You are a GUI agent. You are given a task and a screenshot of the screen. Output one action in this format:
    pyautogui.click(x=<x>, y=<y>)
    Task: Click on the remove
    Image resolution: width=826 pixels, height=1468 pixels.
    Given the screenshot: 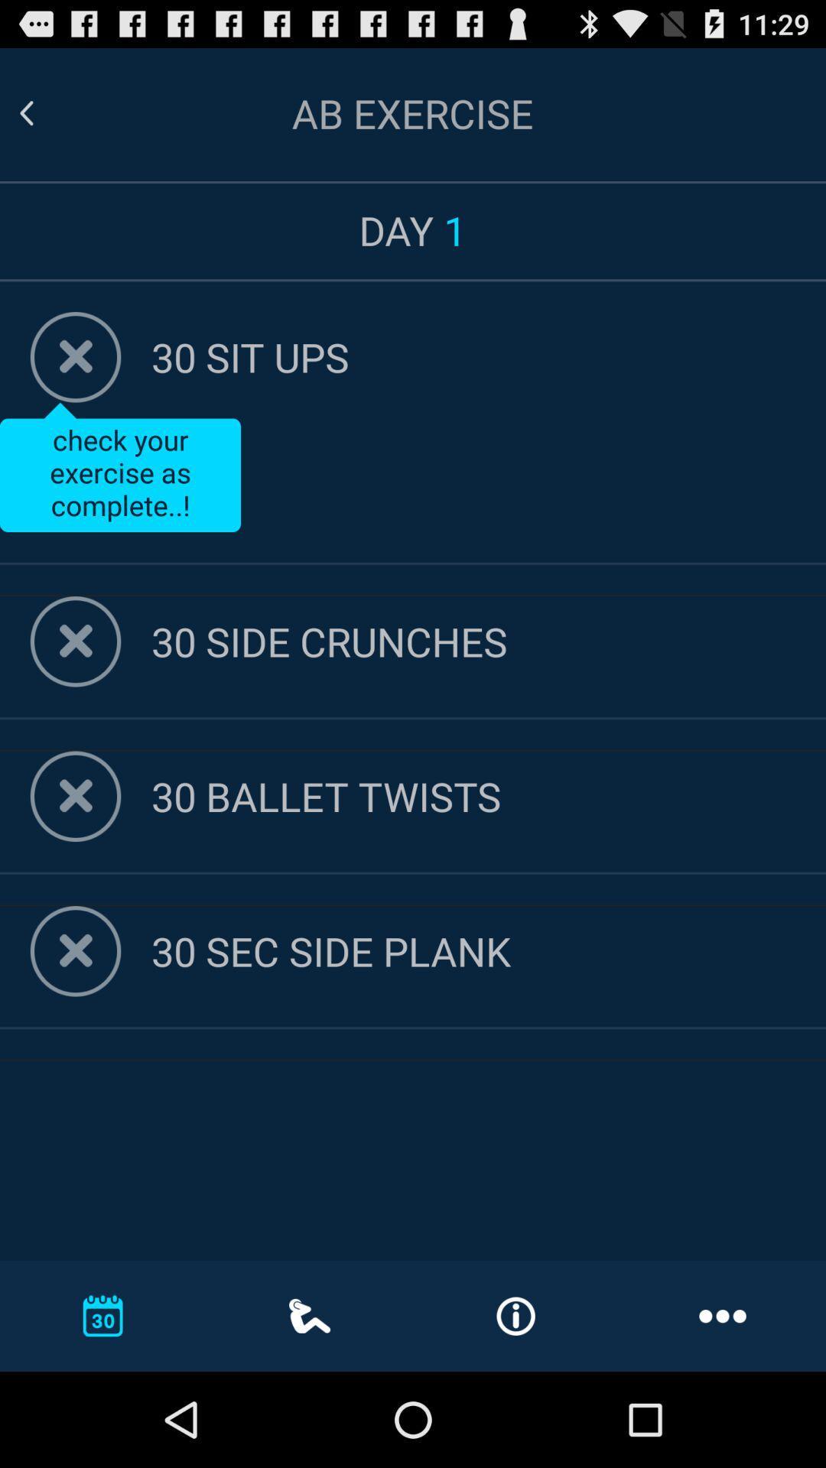 What is the action you would take?
    pyautogui.click(x=76, y=356)
    